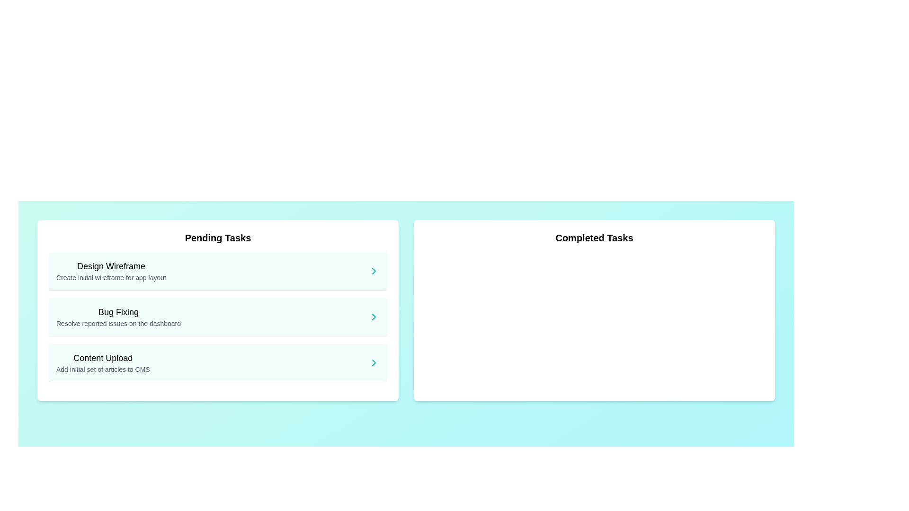 The height and width of the screenshot is (511, 909). I want to click on the 'Bug Fixing' text label located in the second card under the 'Pending Tasks' section, positioned above the description text 'Resolve reported issues on the dashboard', so click(118, 312).